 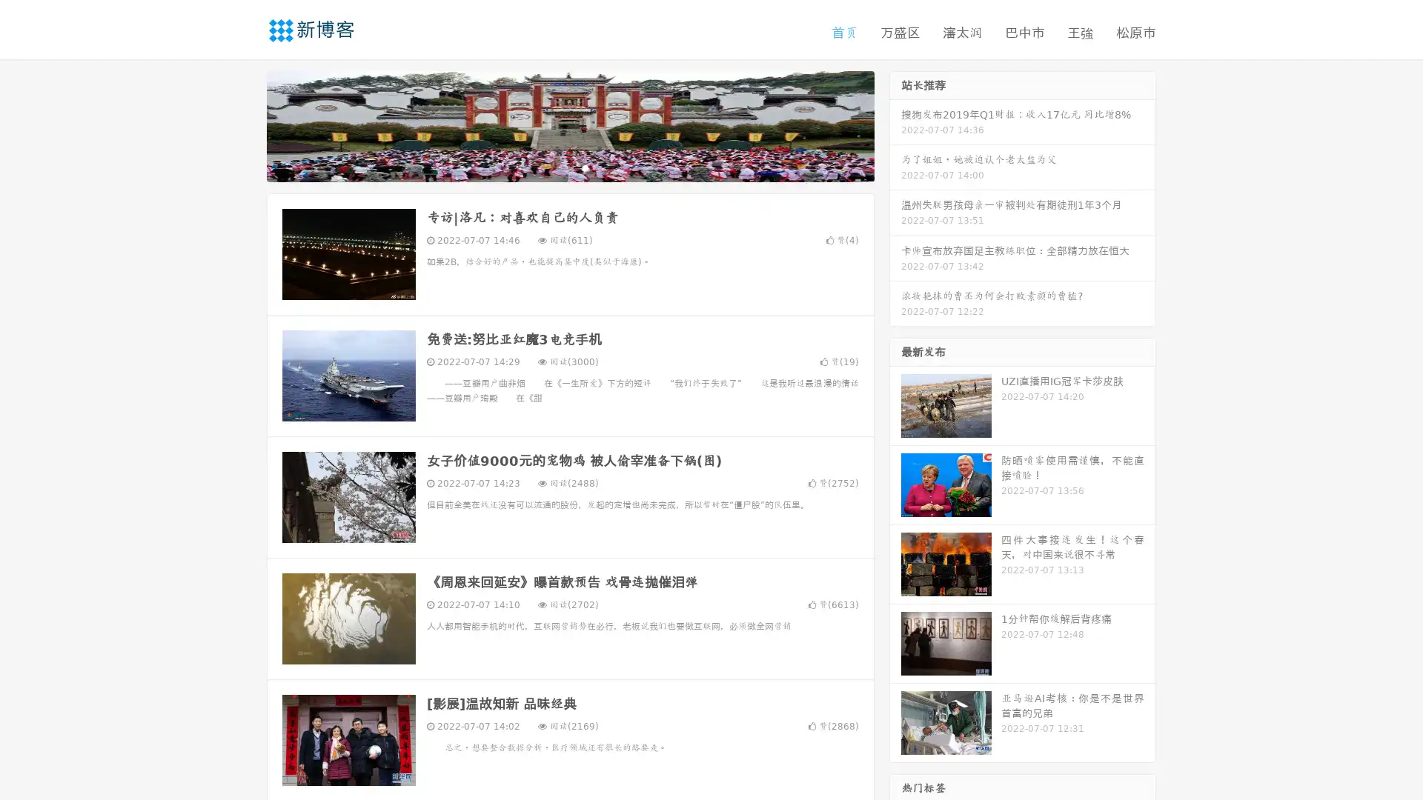 What do you see at coordinates (245, 124) in the screenshot?
I see `Previous slide` at bounding box center [245, 124].